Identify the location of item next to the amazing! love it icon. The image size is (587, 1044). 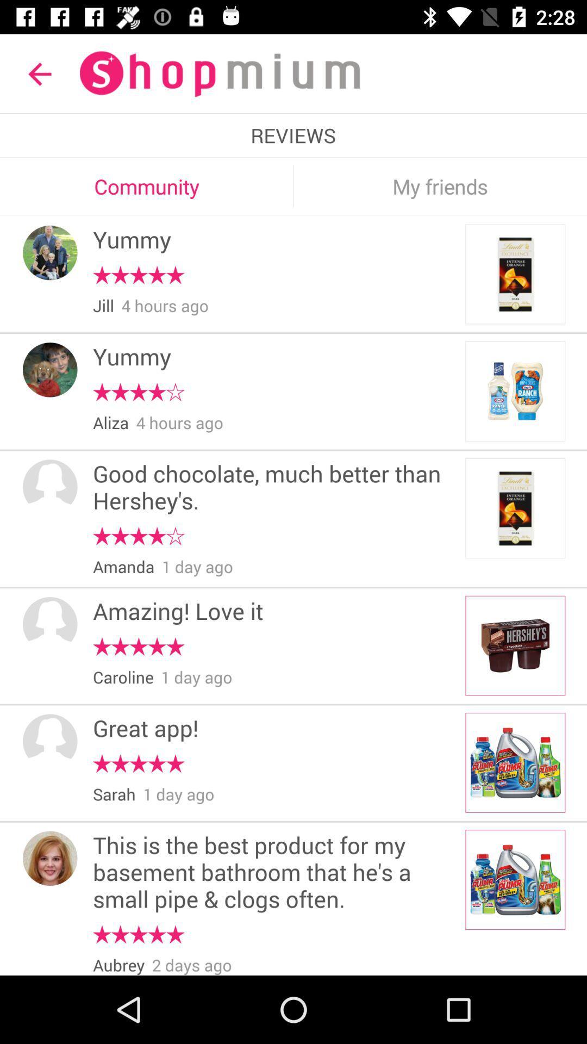
(50, 624).